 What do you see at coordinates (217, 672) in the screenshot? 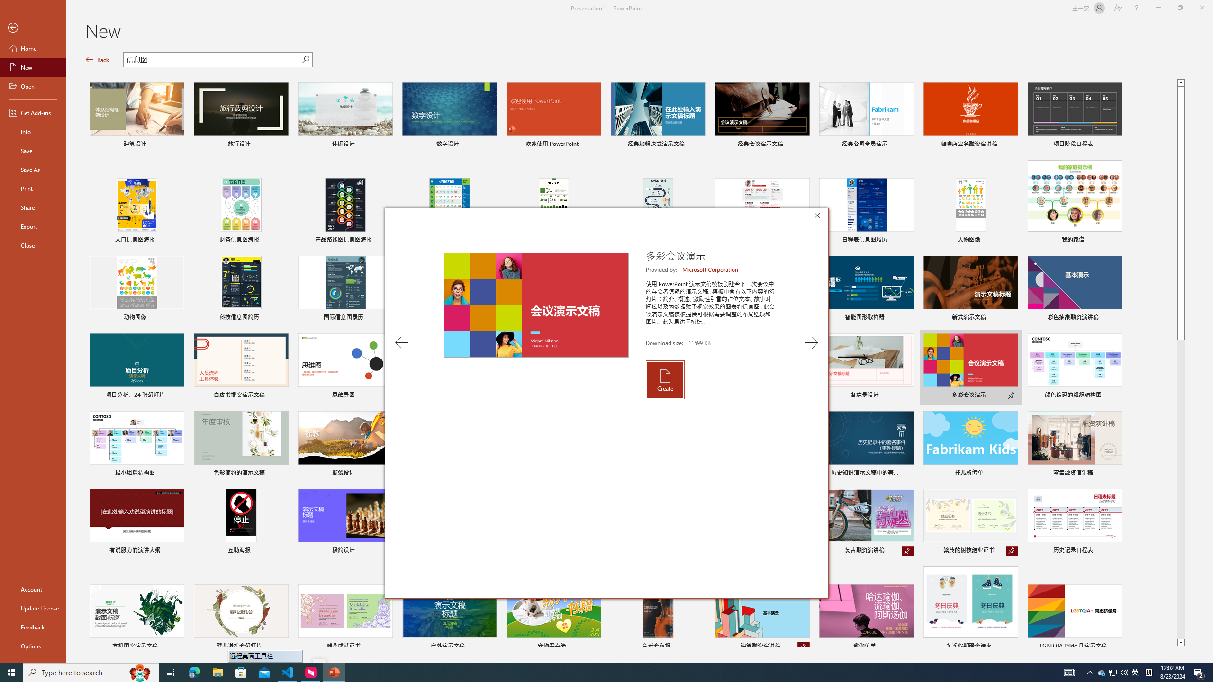
I see `'File Explorer'` at bounding box center [217, 672].